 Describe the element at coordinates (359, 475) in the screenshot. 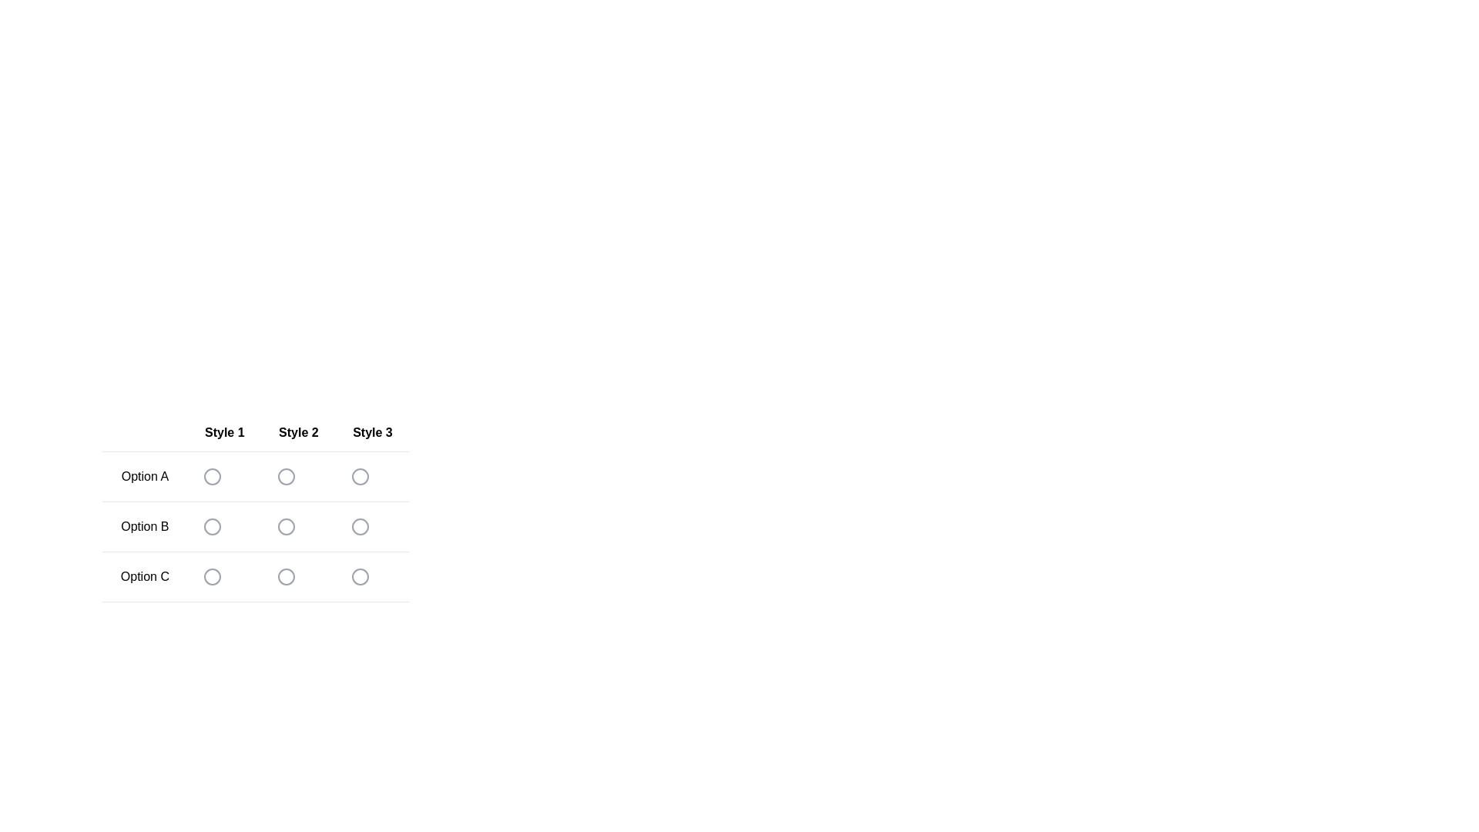

I see `the third radio button in the 'Style 3' column corresponding to the 'Option A' row` at that location.